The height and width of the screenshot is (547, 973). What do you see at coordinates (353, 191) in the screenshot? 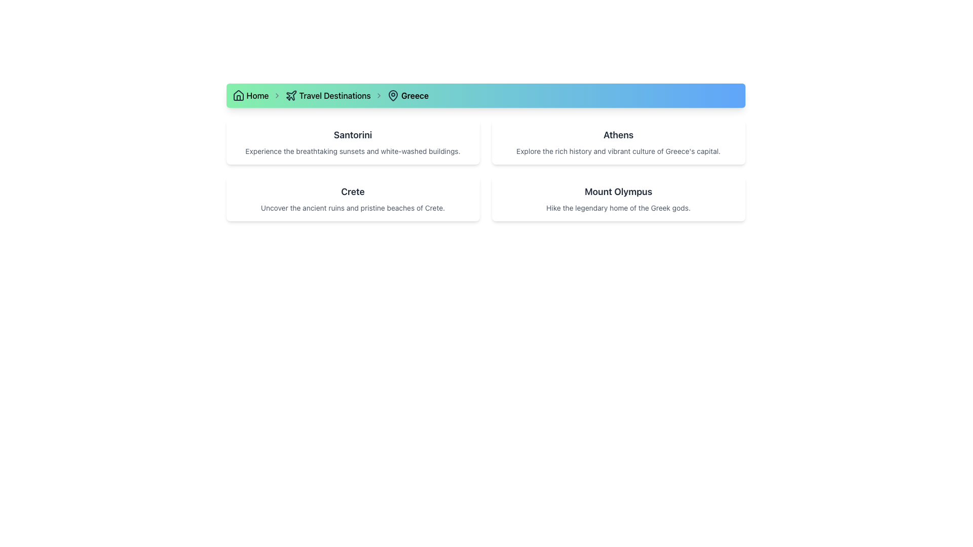
I see `the title text label indicating the destination 'Crete' within the card layout, which is the second card from the left` at bounding box center [353, 191].